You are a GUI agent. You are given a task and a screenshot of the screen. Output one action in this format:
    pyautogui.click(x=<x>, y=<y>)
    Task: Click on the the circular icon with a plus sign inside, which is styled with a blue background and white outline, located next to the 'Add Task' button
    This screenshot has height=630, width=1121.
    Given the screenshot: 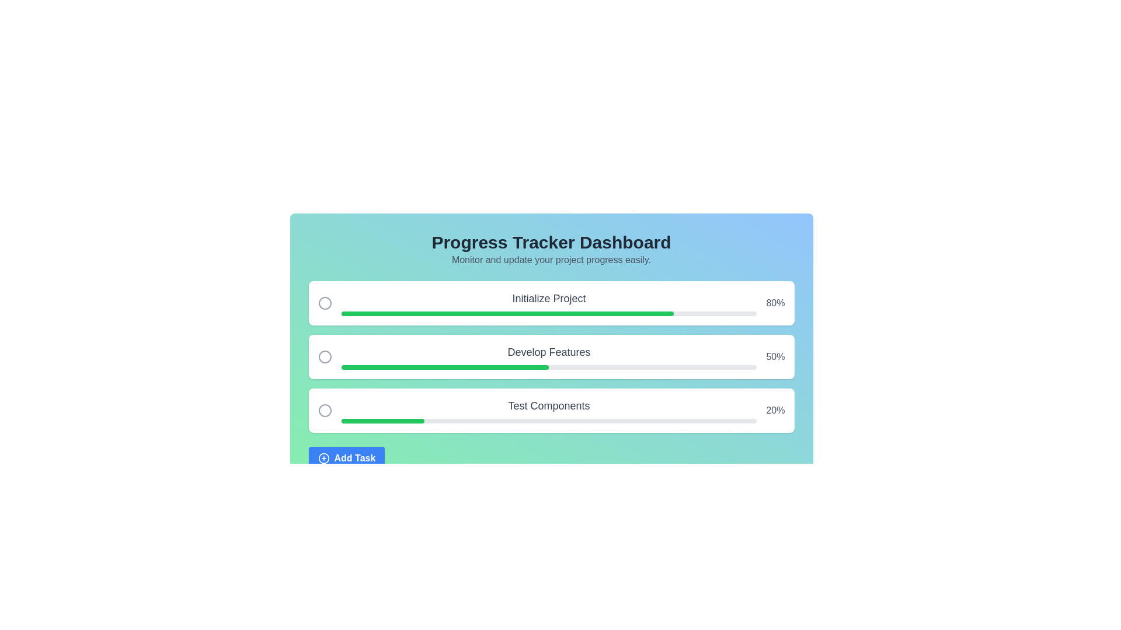 What is the action you would take?
    pyautogui.click(x=323, y=458)
    